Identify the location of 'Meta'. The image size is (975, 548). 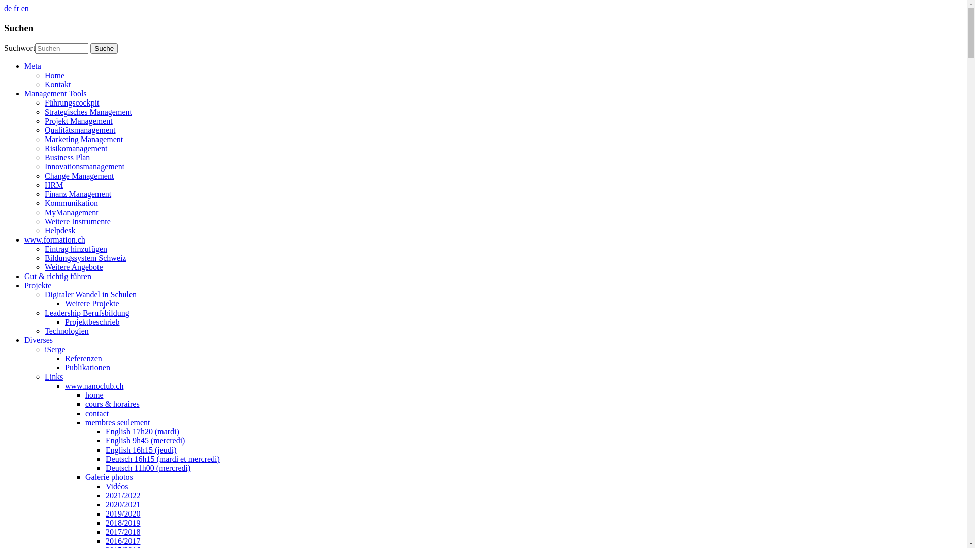
(32, 66).